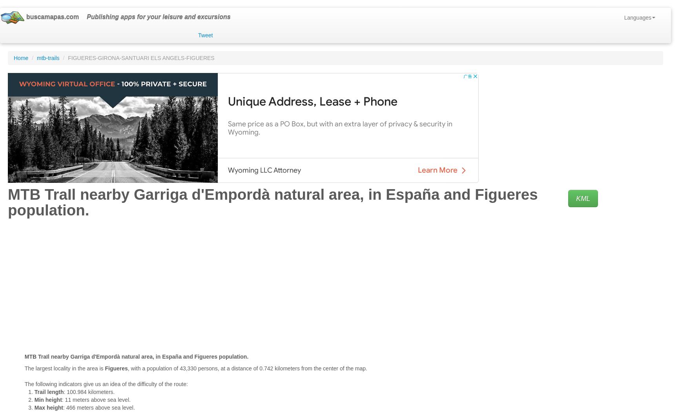  What do you see at coordinates (89, 392) in the screenshot?
I see `': 100.984 kilometers.'` at bounding box center [89, 392].